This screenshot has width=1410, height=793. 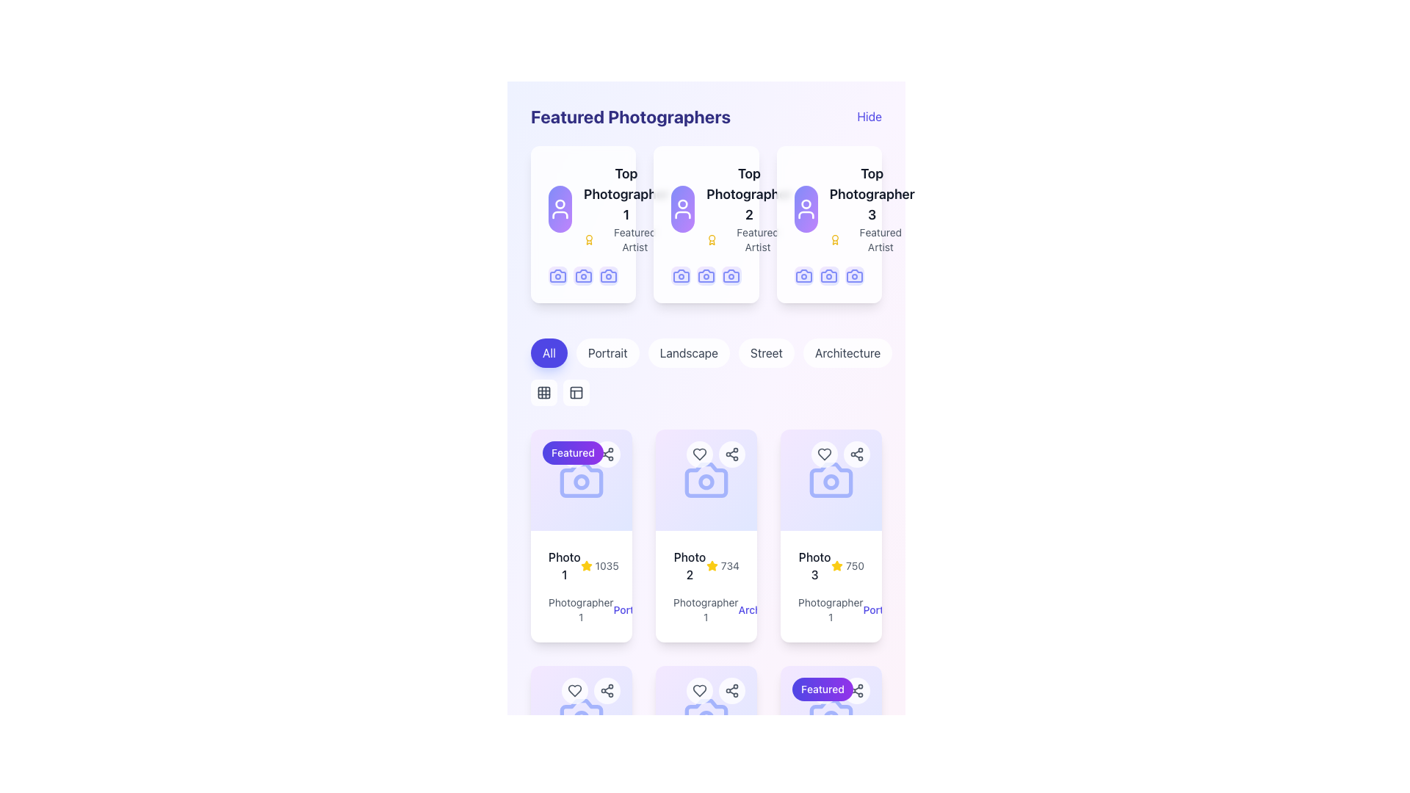 I want to click on the heart icon button located, so click(x=574, y=691).